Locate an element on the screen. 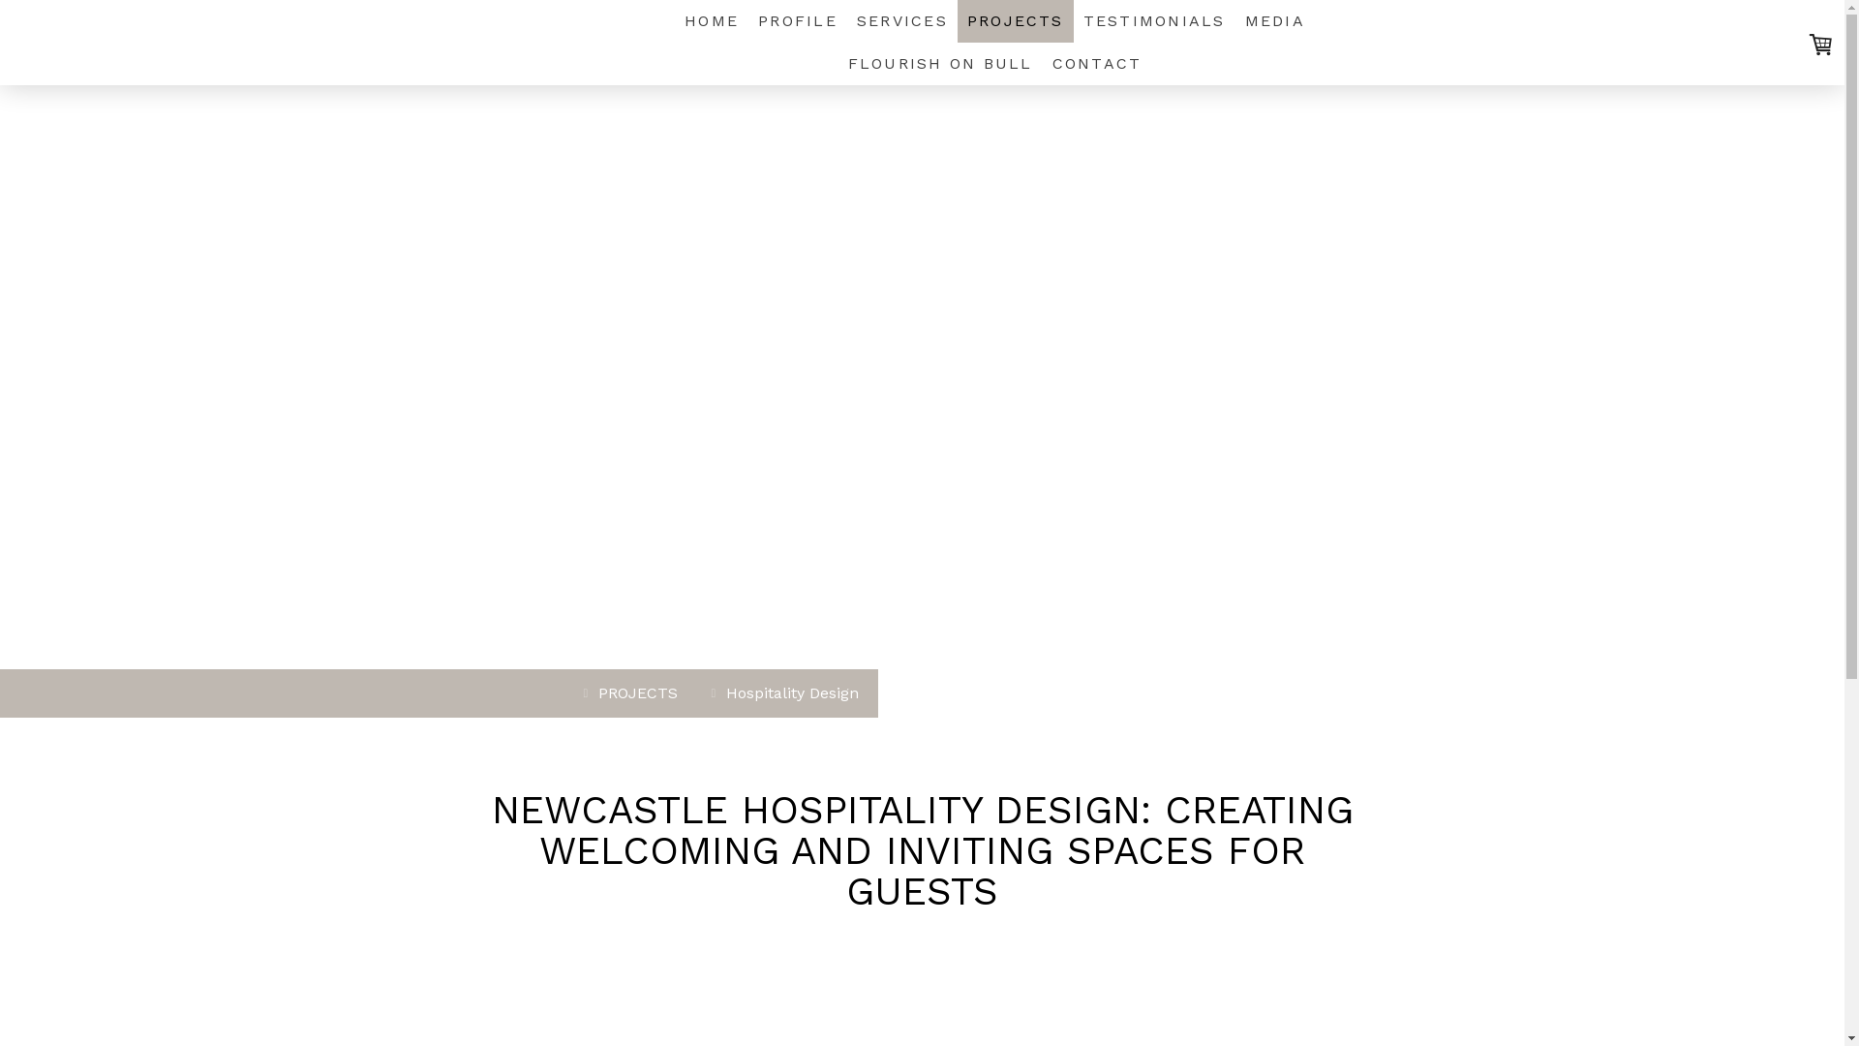 This screenshot has width=1859, height=1046. 'MEDIA' is located at coordinates (1234, 21).